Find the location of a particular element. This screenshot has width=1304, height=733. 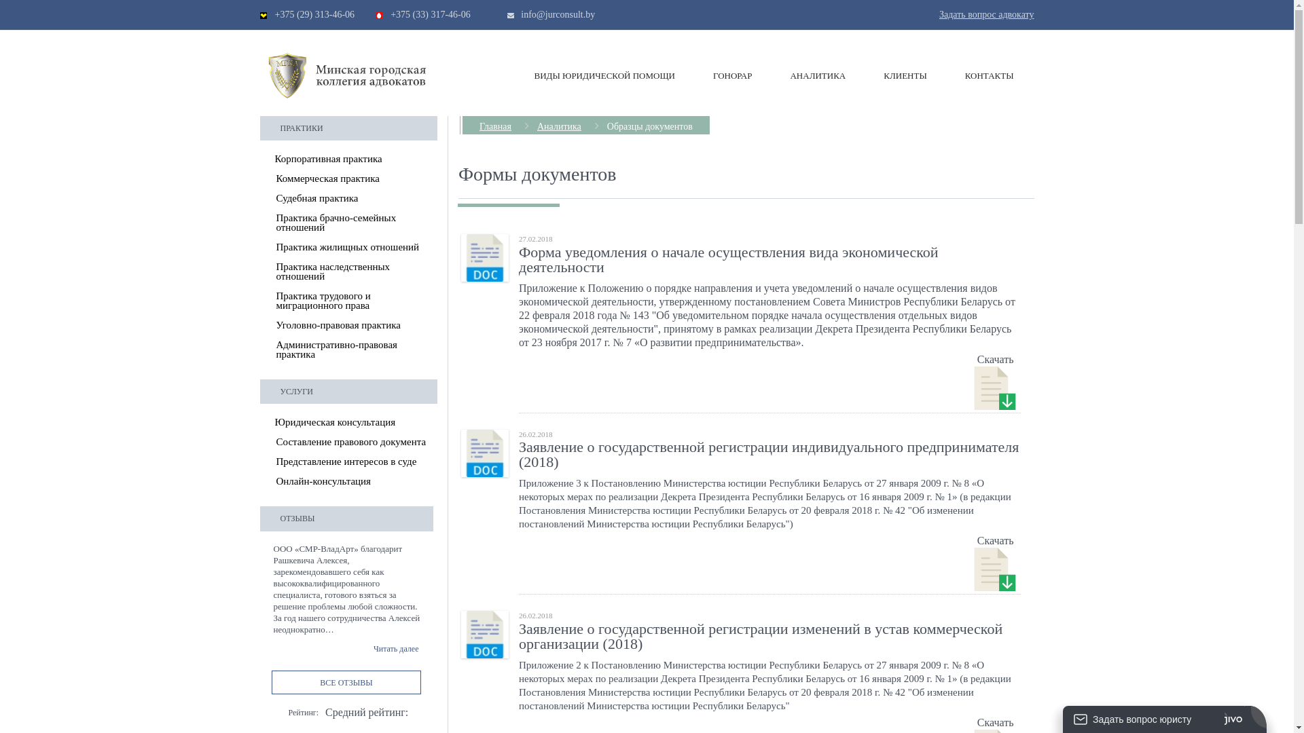

'info@jurconsult.by' is located at coordinates (520, 14).